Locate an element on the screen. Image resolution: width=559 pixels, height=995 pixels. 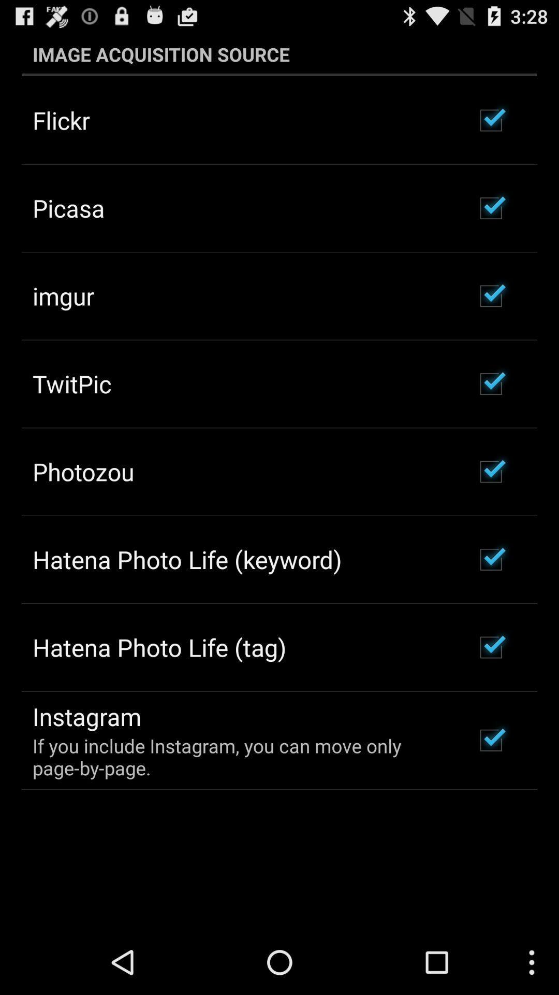
the item above the picasa app is located at coordinates (61, 120).